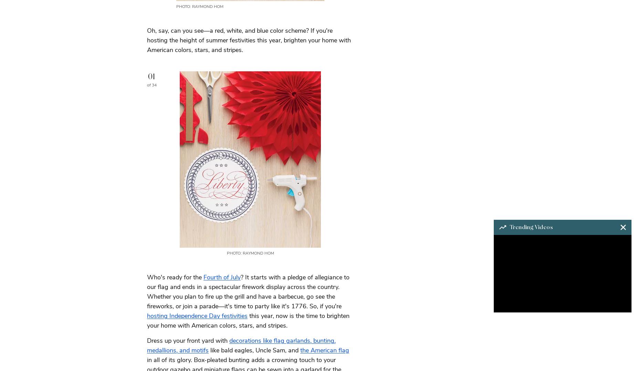  Describe the element at coordinates (152, 84) in the screenshot. I see `'of 34'` at that location.